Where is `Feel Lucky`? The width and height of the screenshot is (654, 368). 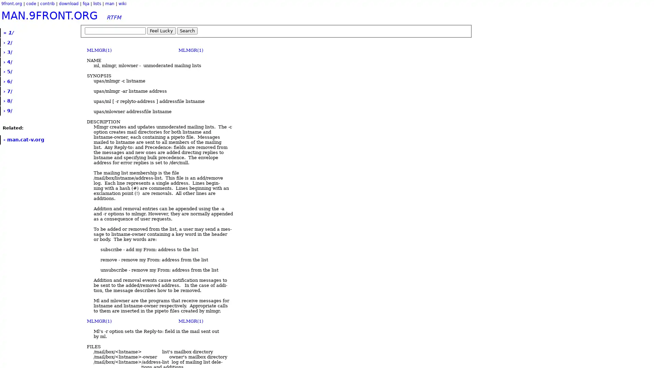 Feel Lucky is located at coordinates (161, 31).